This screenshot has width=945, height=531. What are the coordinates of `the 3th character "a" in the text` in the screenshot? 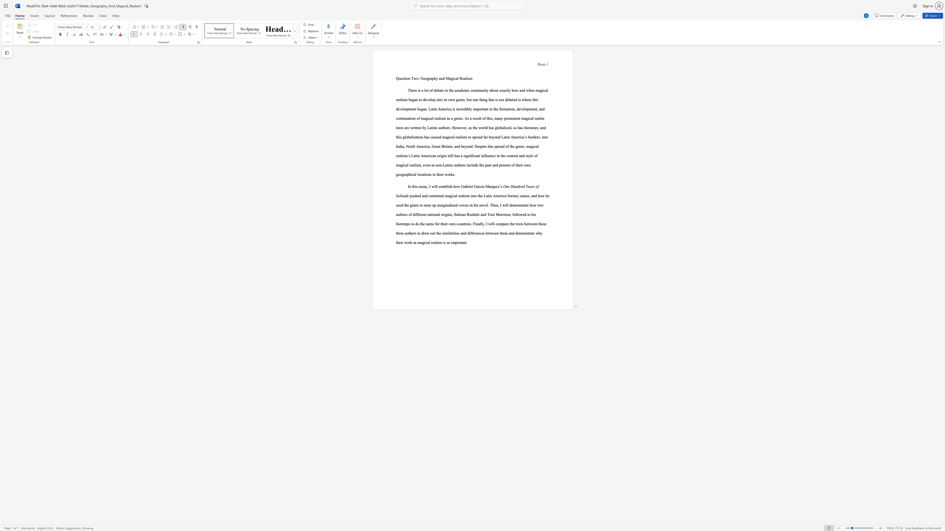 It's located at (504, 137).